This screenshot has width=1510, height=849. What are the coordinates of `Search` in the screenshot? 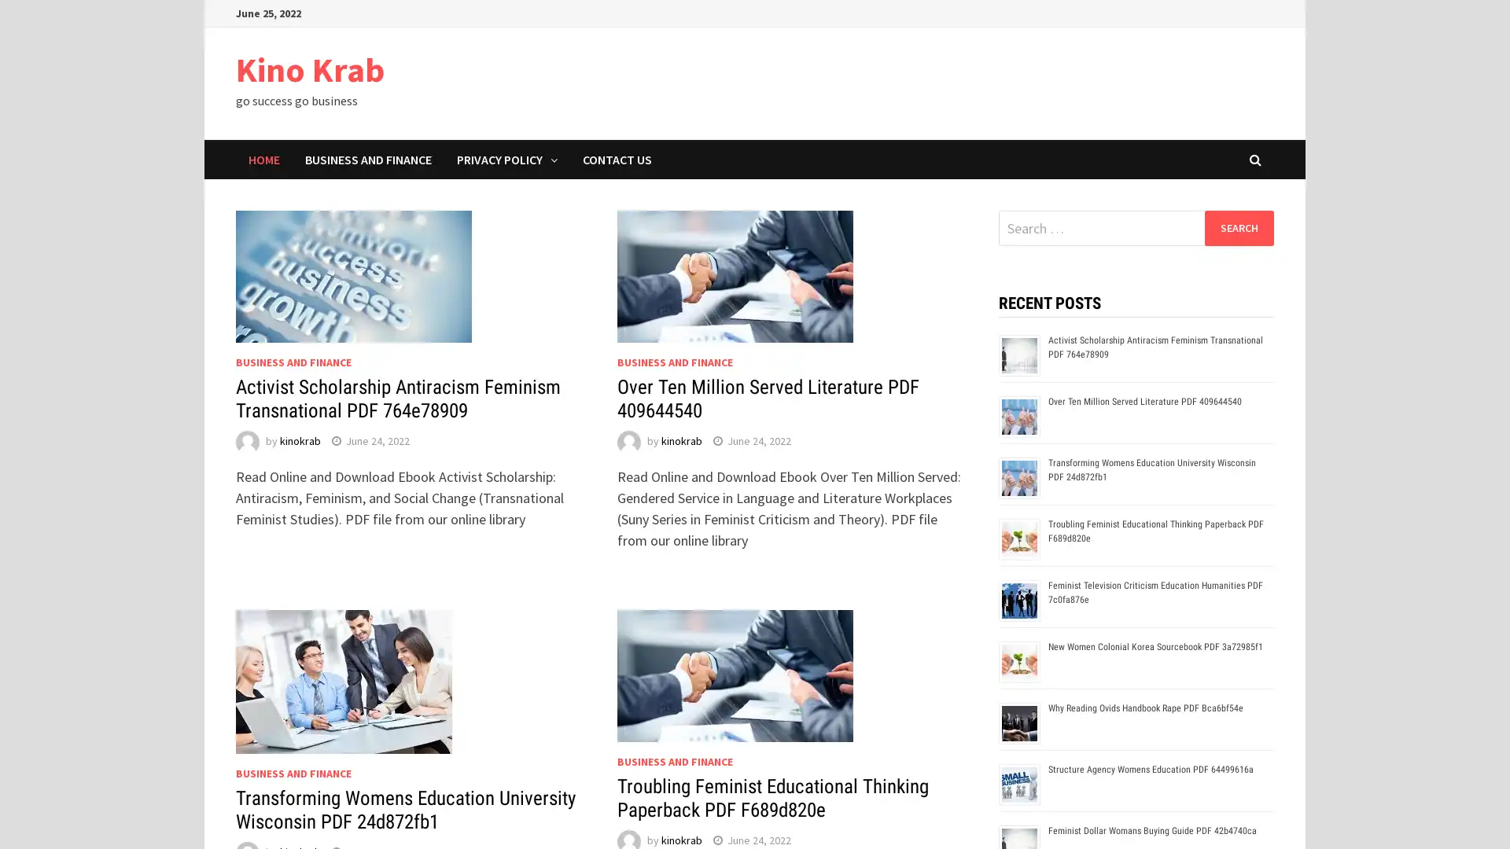 It's located at (1238, 227).